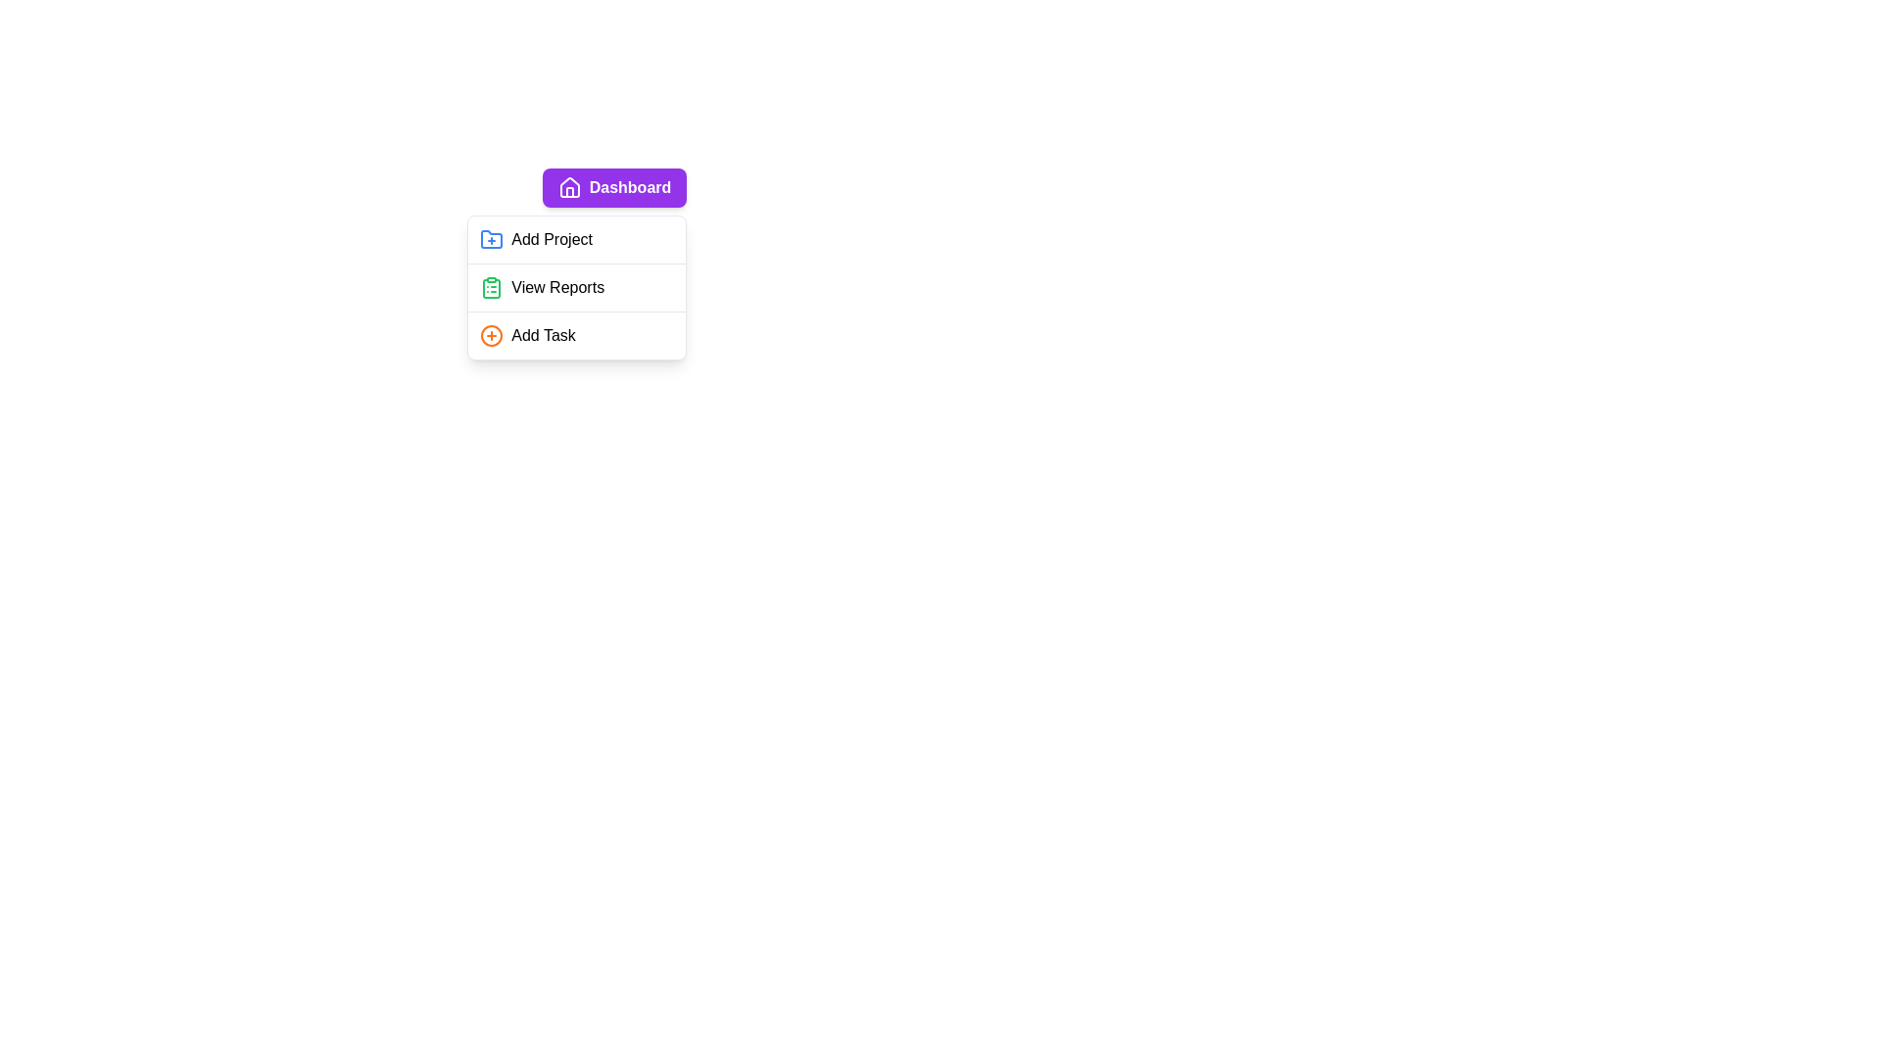 This screenshot has height=1058, width=1881. What do you see at coordinates (613, 188) in the screenshot?
I see `the purple Dashboard button to toggle the menu's visibility` at bounding box center [613, 188].